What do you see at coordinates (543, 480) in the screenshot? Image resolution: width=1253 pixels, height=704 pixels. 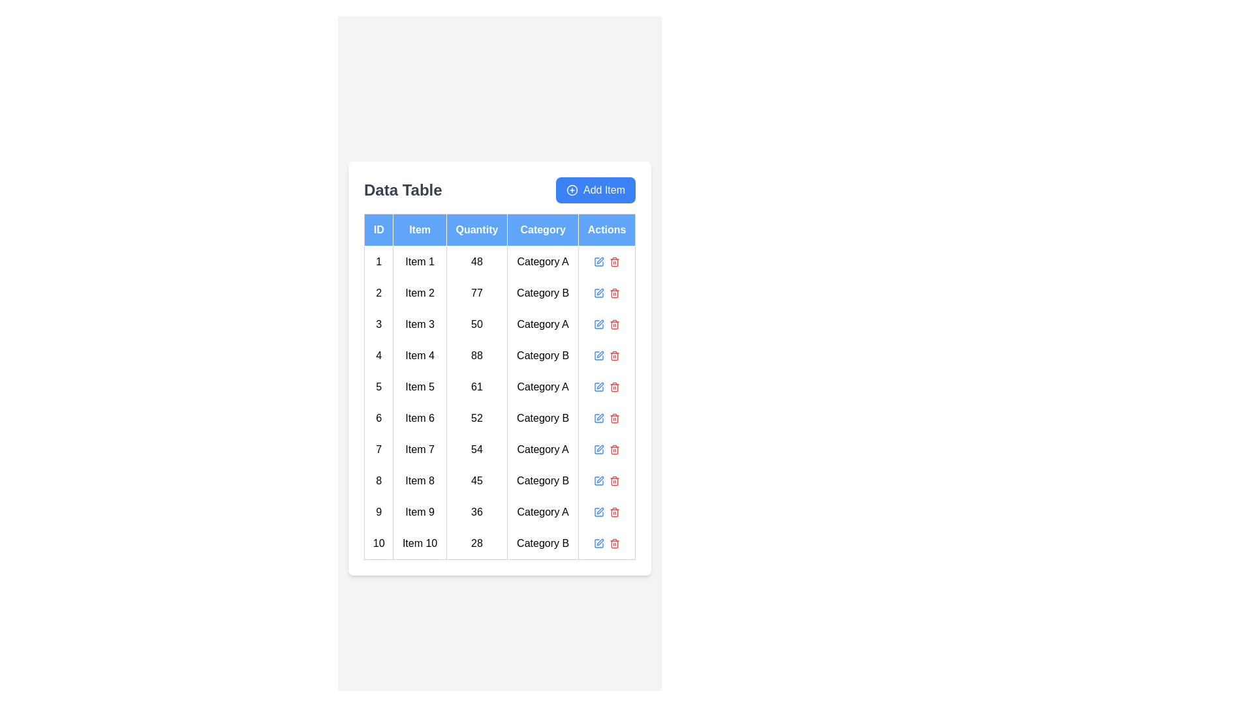 I see `the static text label displaying 'Category B' located in the 8th row of the table, which is horizontally centered within its bordered cell` at bounding box center [543, 480].